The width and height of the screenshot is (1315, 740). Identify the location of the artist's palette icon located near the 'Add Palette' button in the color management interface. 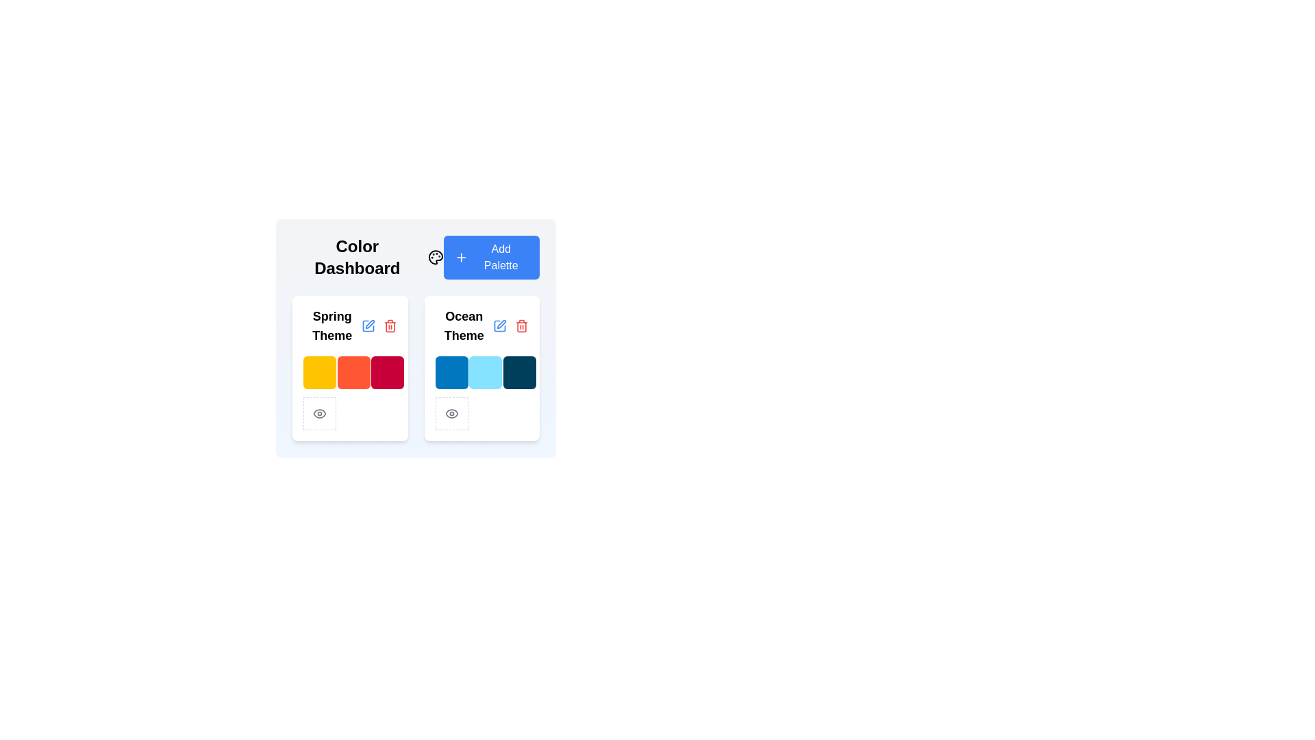
(435, 257).